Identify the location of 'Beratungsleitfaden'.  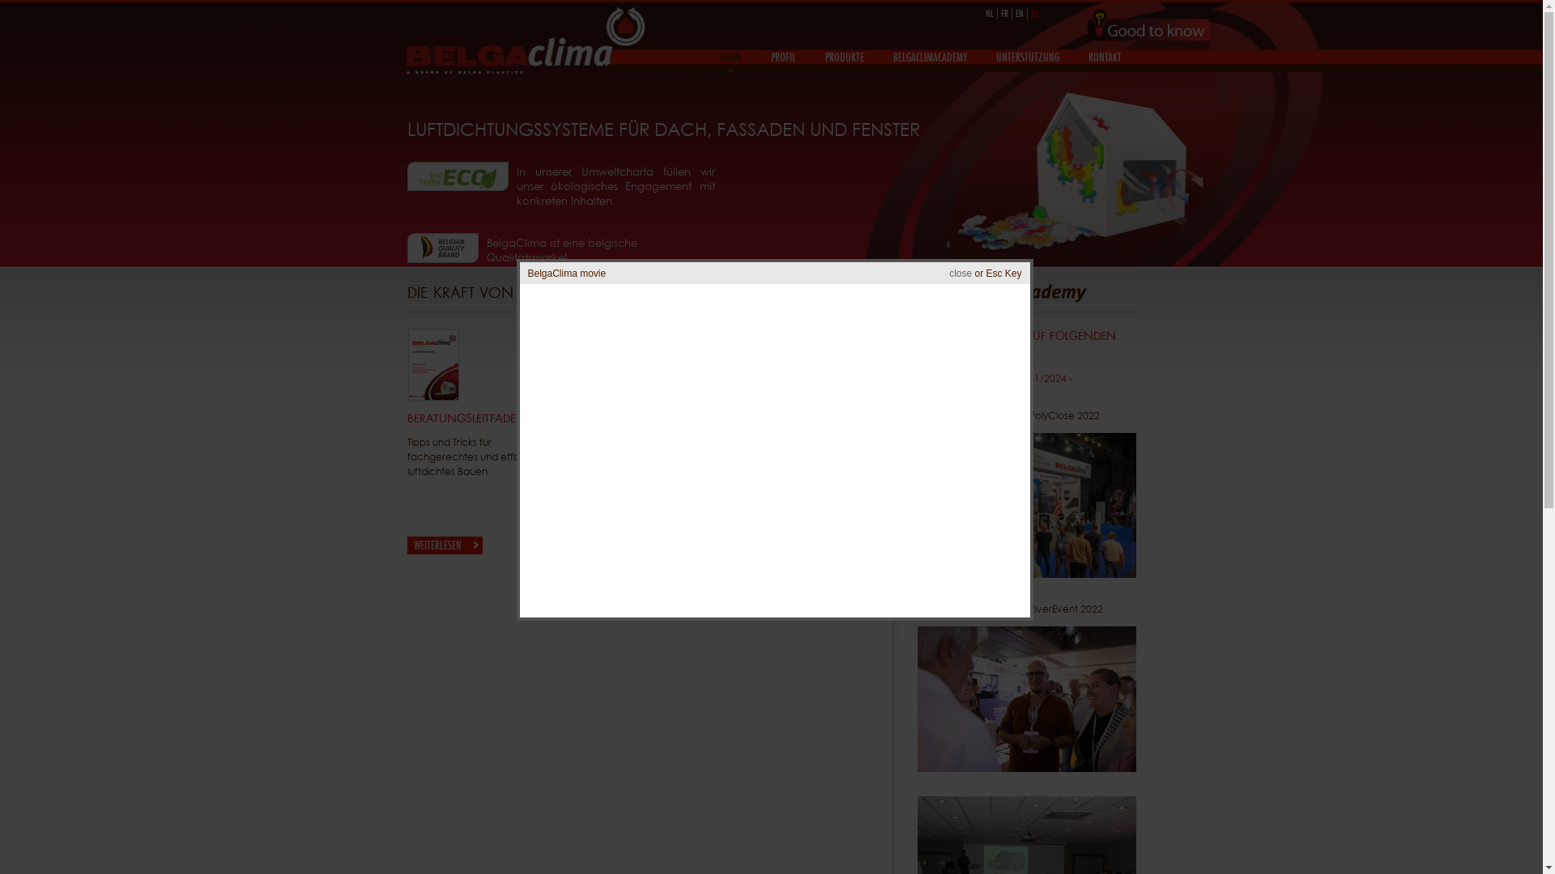
(432, 398).